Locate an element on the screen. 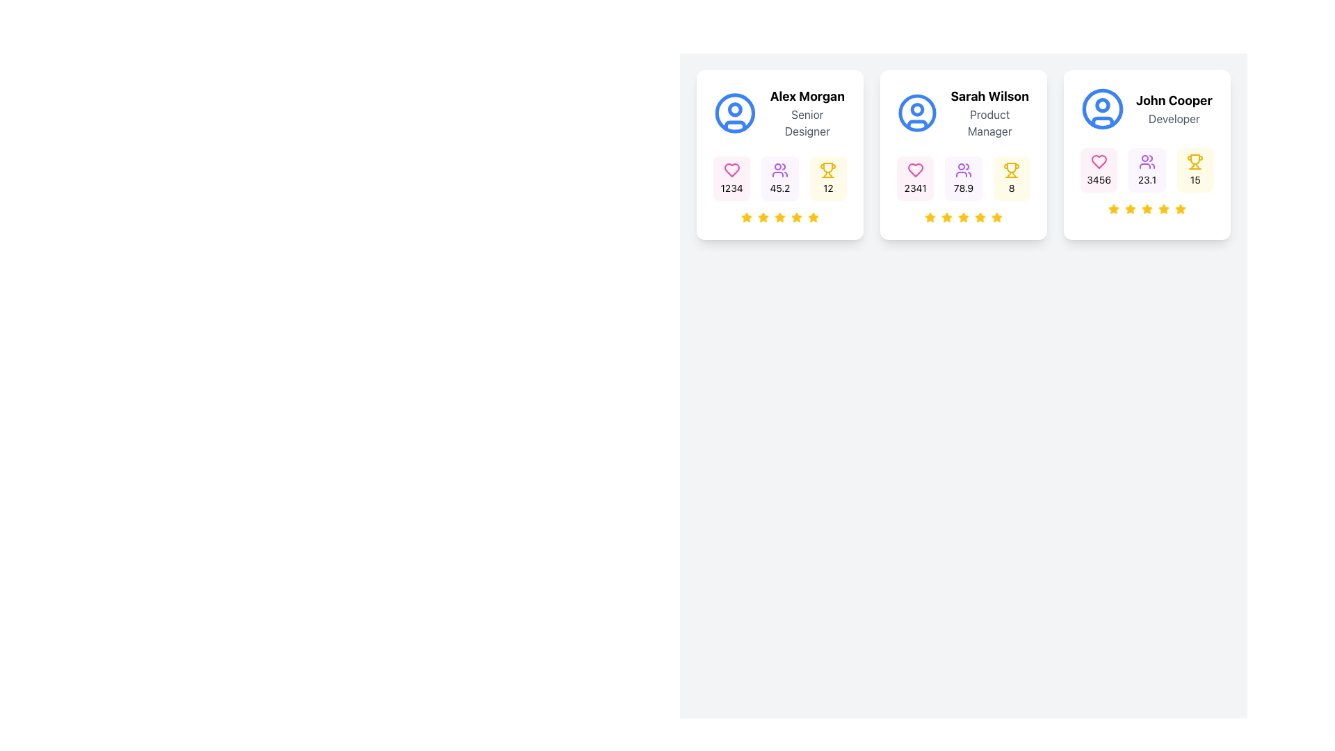  properties of the blue bottom arc within the circular icon located at the top-left corner of the first profile card is located at coordinates (734, 125).